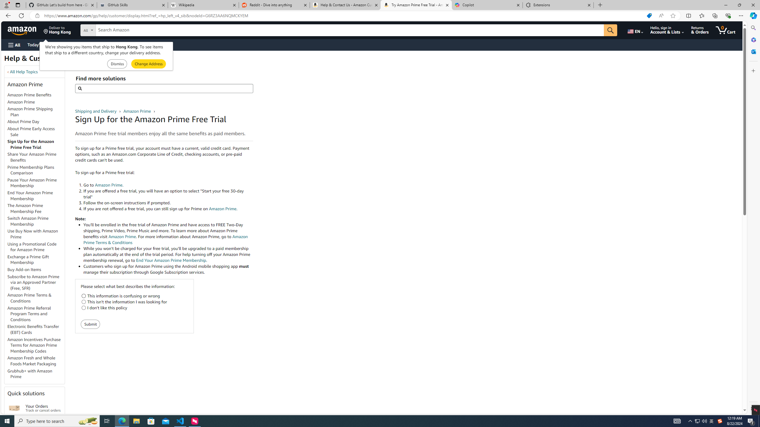 Image resolution: width=760 pixels, height=427 pixels. Describe the element at coordinates (14, 44) in the screenshot. I see `'Open Menu'` at that location.